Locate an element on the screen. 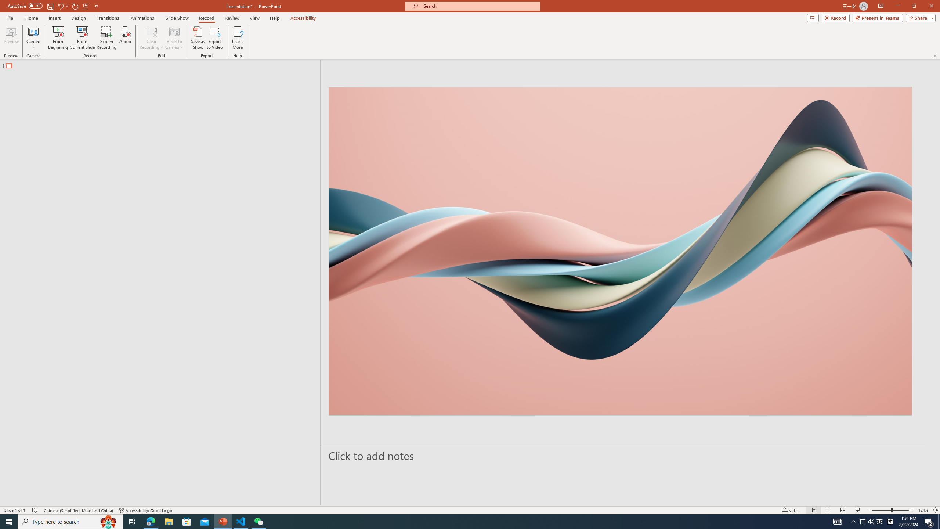 This screenshot has height=529, width=940. 'Accessibility Checker Accessibility: Good to go' is located at coordinates (146, 510).